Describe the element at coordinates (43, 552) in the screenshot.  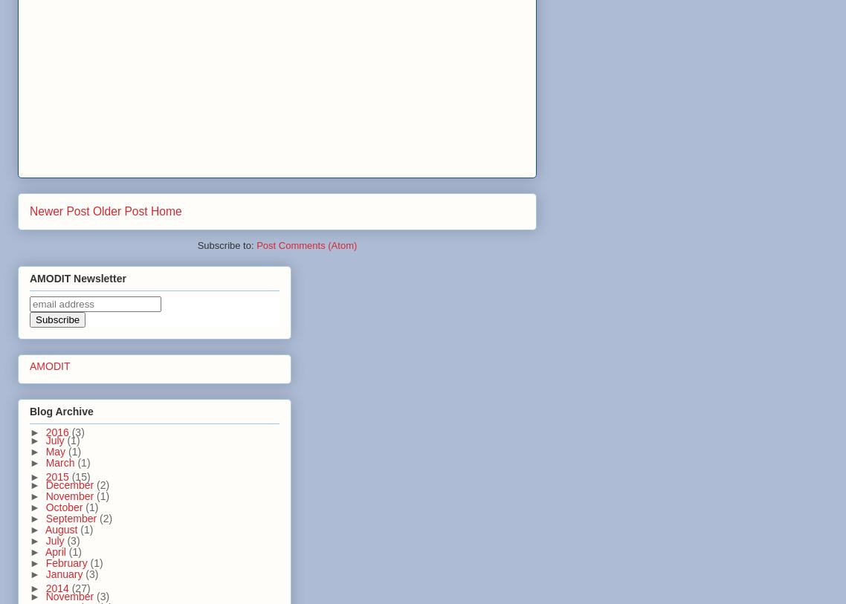
I see `'April'` at that location.